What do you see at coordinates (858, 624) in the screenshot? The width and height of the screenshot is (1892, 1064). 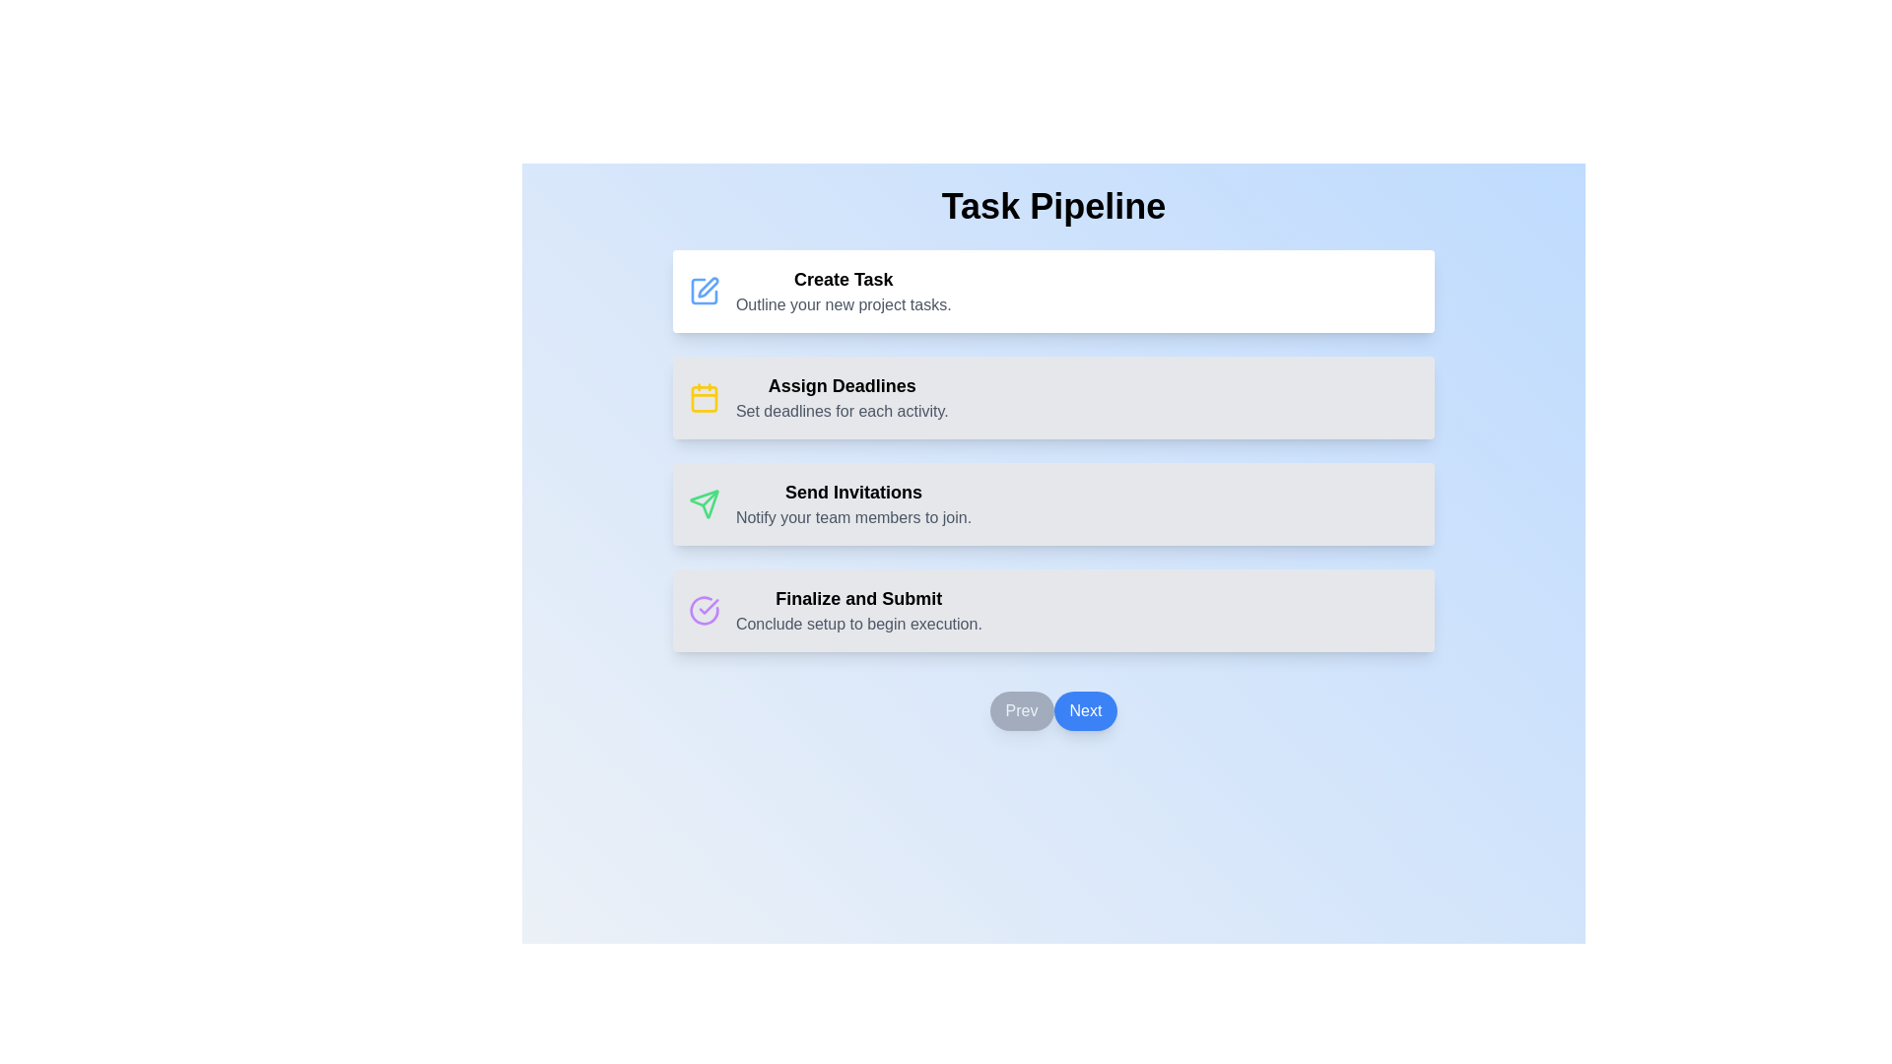 I see `the static text description that provides additional details related to the 'Finalize and Submit' task, located below the title in a soft rectangular box` at bounding box center [858, 624].